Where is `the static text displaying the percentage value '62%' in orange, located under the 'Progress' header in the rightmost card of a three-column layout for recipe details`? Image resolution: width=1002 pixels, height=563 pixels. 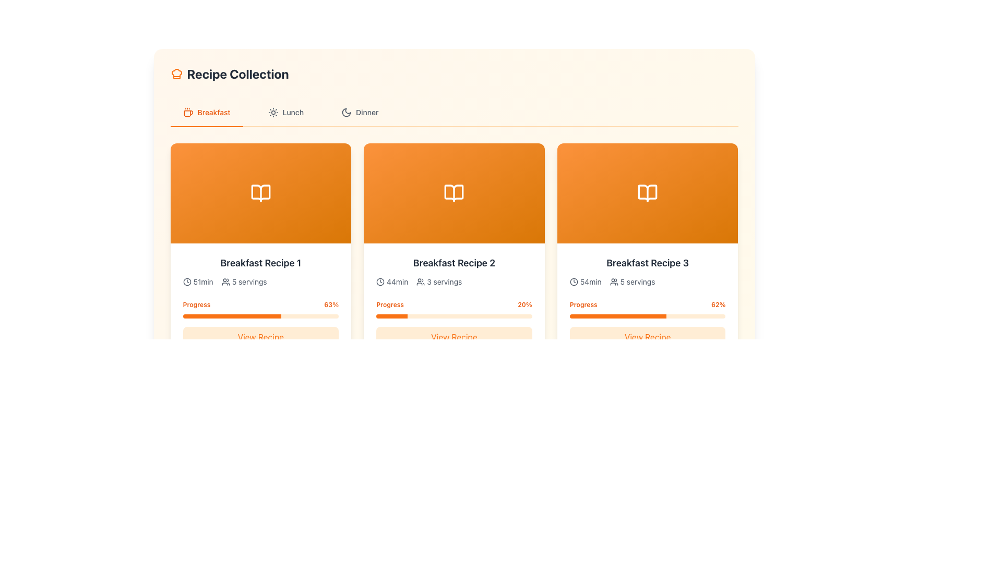
the static text displaying the percentage value '62%' in orange, located under the 'Progress' header in the rightmost card of a three-column layout for recipe details is located at coordinates (718, 303).